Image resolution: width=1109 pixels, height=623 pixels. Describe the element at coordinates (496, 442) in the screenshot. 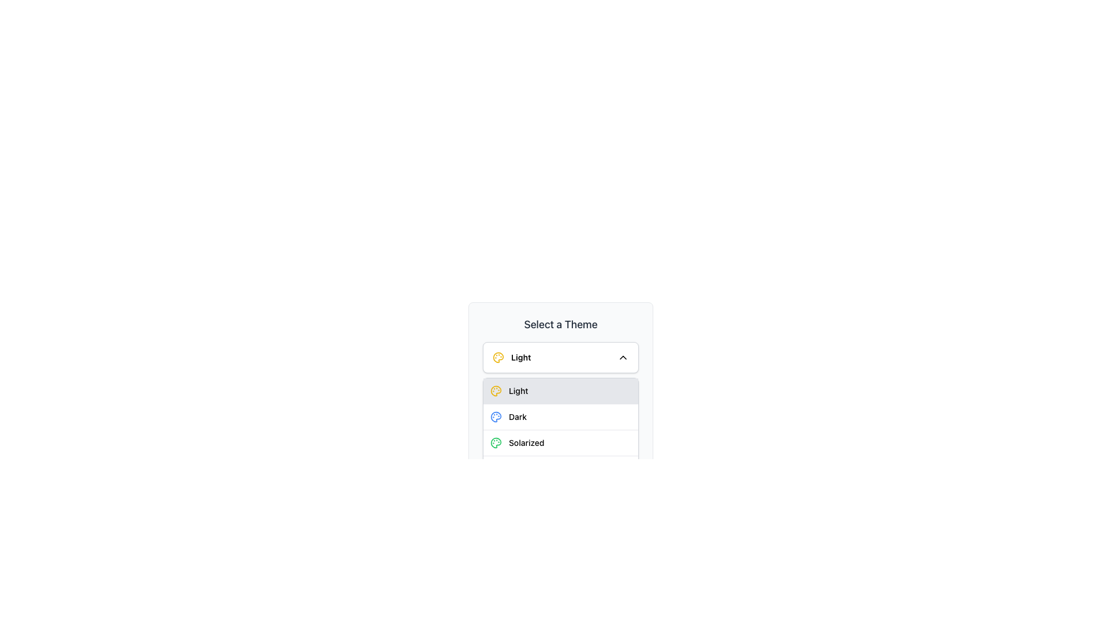

I see `the green circular palette icon, which is the third icon in the theme selection dropdown` at that location.